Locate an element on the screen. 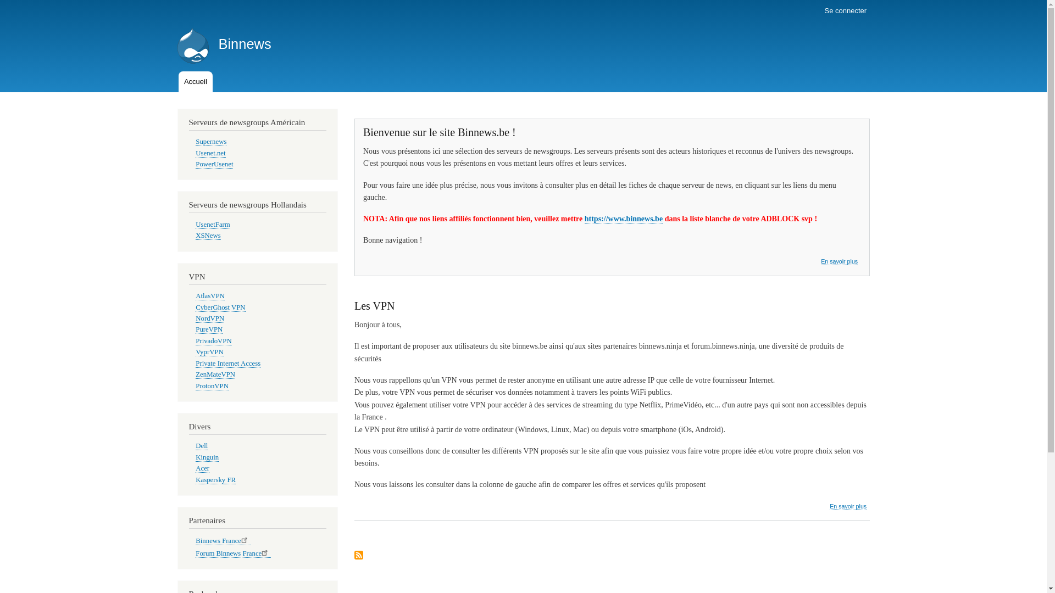  'ProtonVPN' is located at coordinates (212, 385).